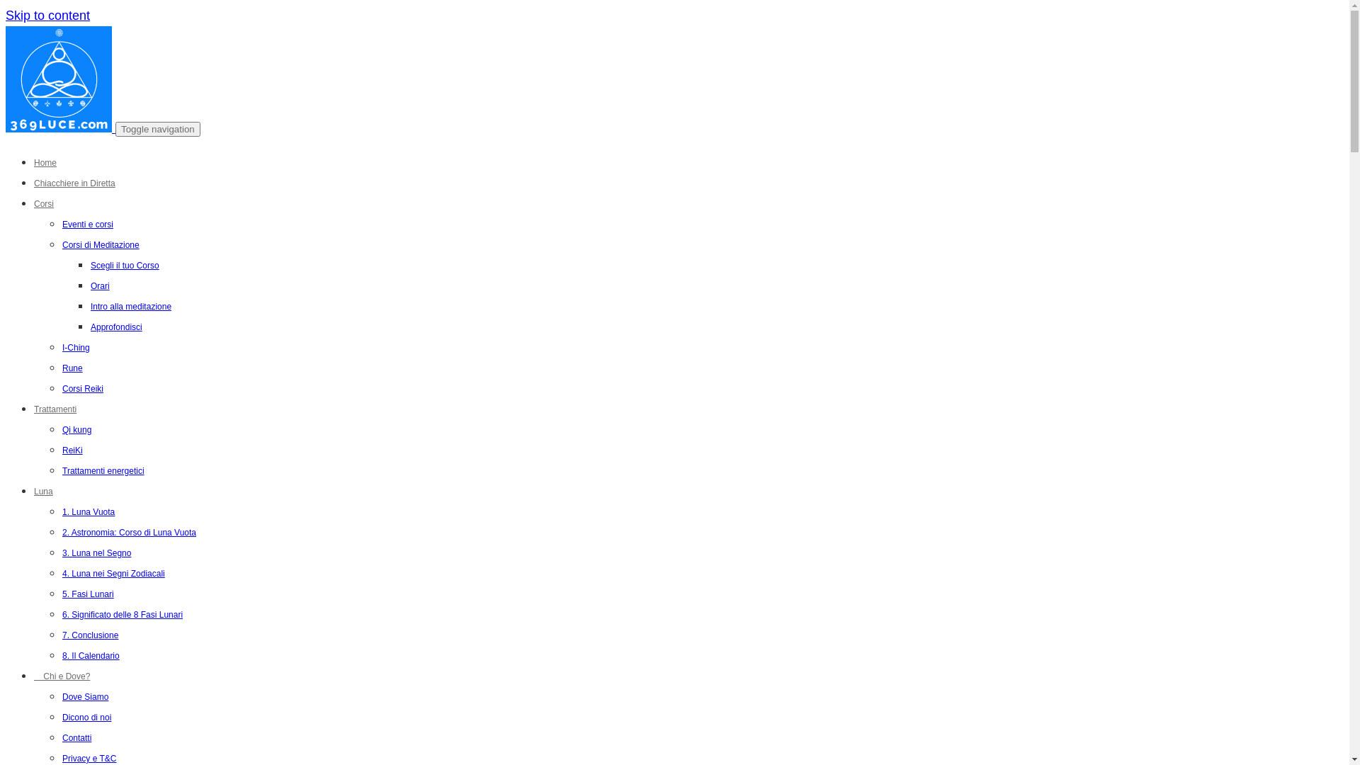  What do you see at coordinates (157, 129) in the screenshot?
I see `'Toggle navigation'` at bounding box center [157, 129].